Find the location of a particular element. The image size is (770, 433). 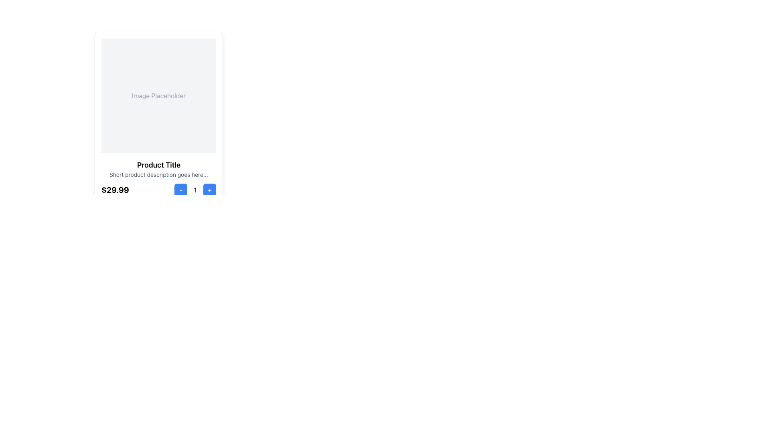

the static text label that displays the current quantity in the counter control, positioned between the decrement and increment buttons in the product card is located at coordinates (195, 190).